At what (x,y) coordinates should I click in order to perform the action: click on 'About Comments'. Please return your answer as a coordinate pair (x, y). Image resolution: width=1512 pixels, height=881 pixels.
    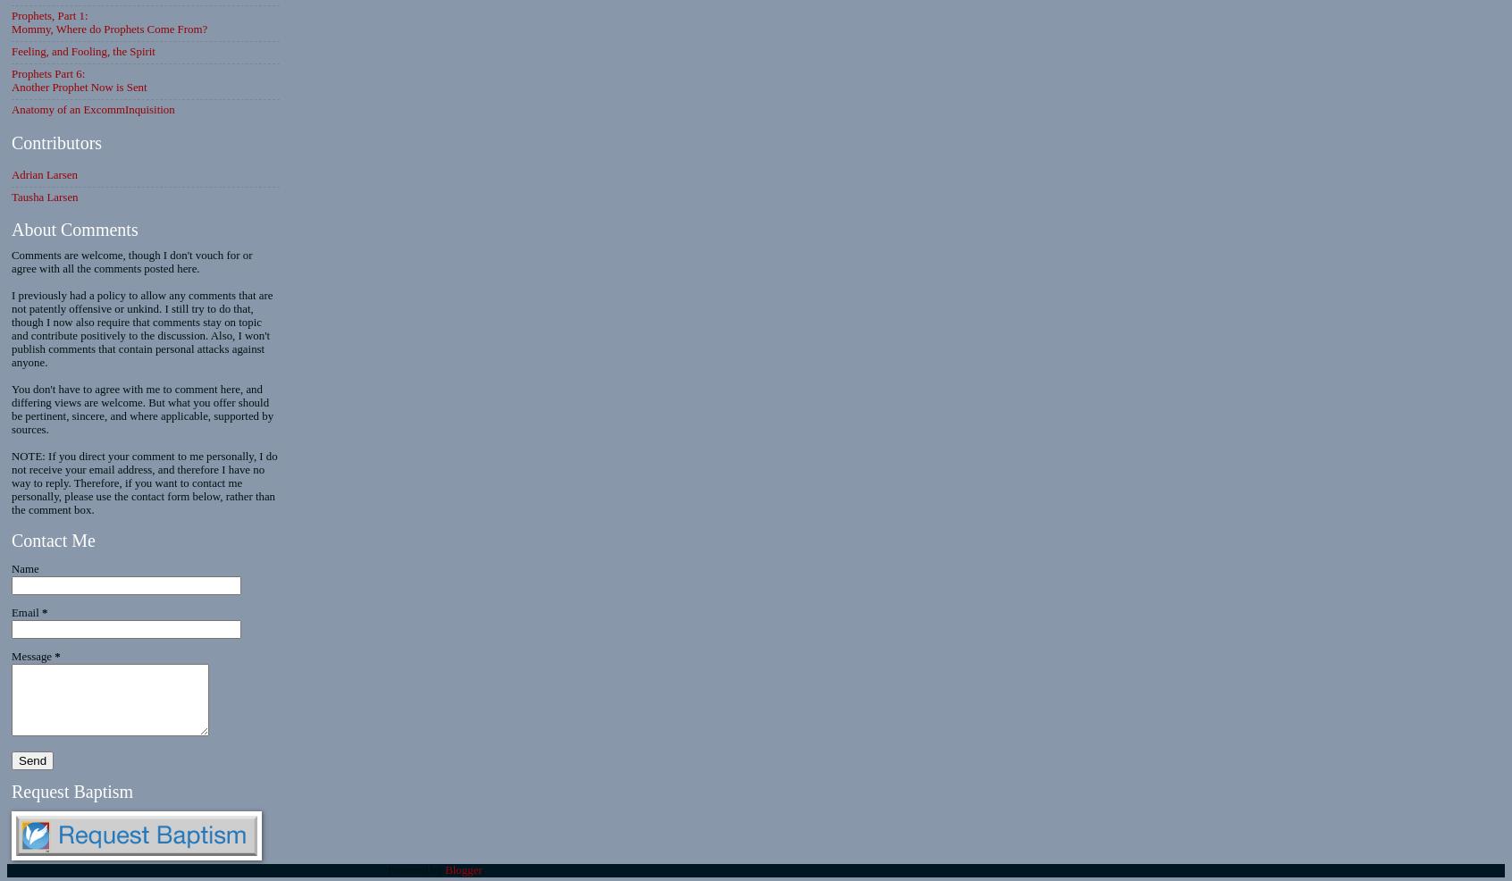
    Looking at the image, I should click on (74, 229).